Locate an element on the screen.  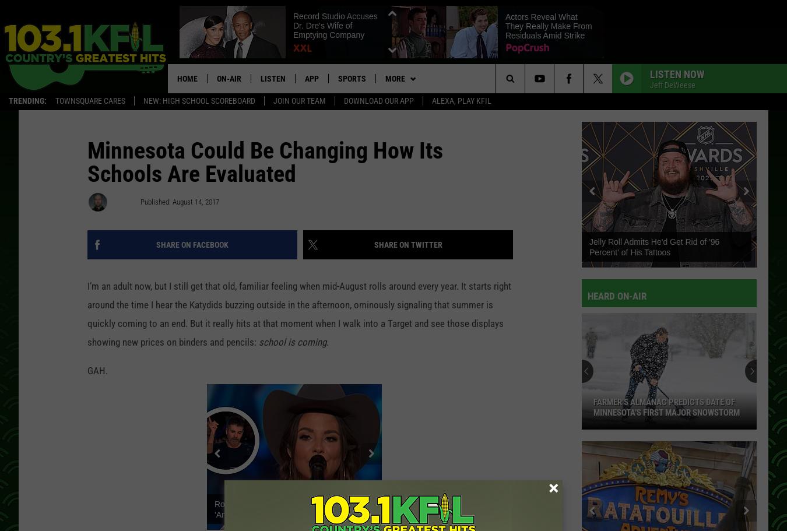
'Download Our App' is located at coordinates (379, 102).